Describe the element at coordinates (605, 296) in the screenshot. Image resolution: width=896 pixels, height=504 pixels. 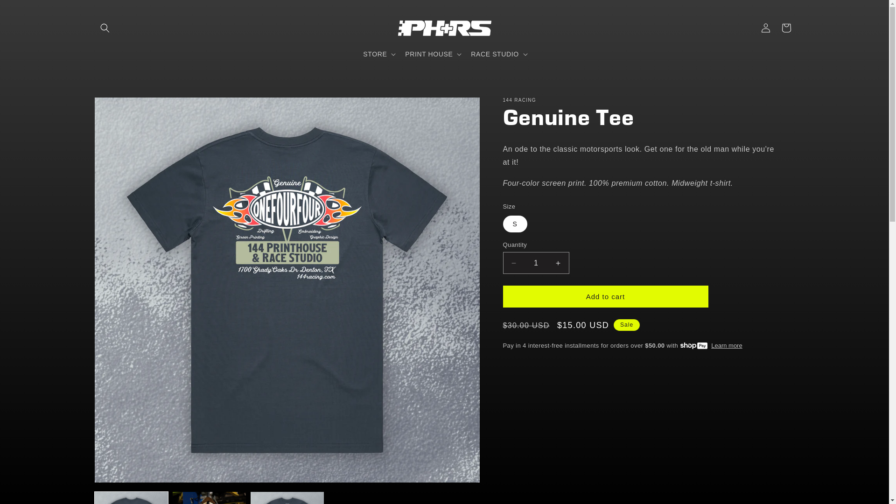
I see `'Add to cart'` at that location.